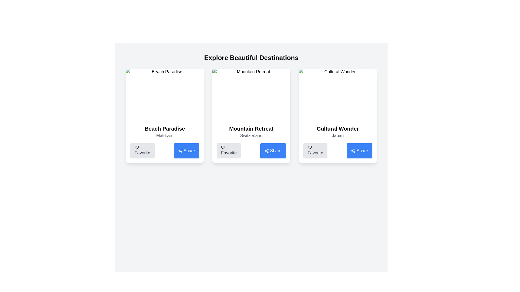  I want to click on the 'Favorite' icon button located at the bottom section of the 'Mountain Retreat' card to mark the associated content item as a favorite, so click(223, 148).